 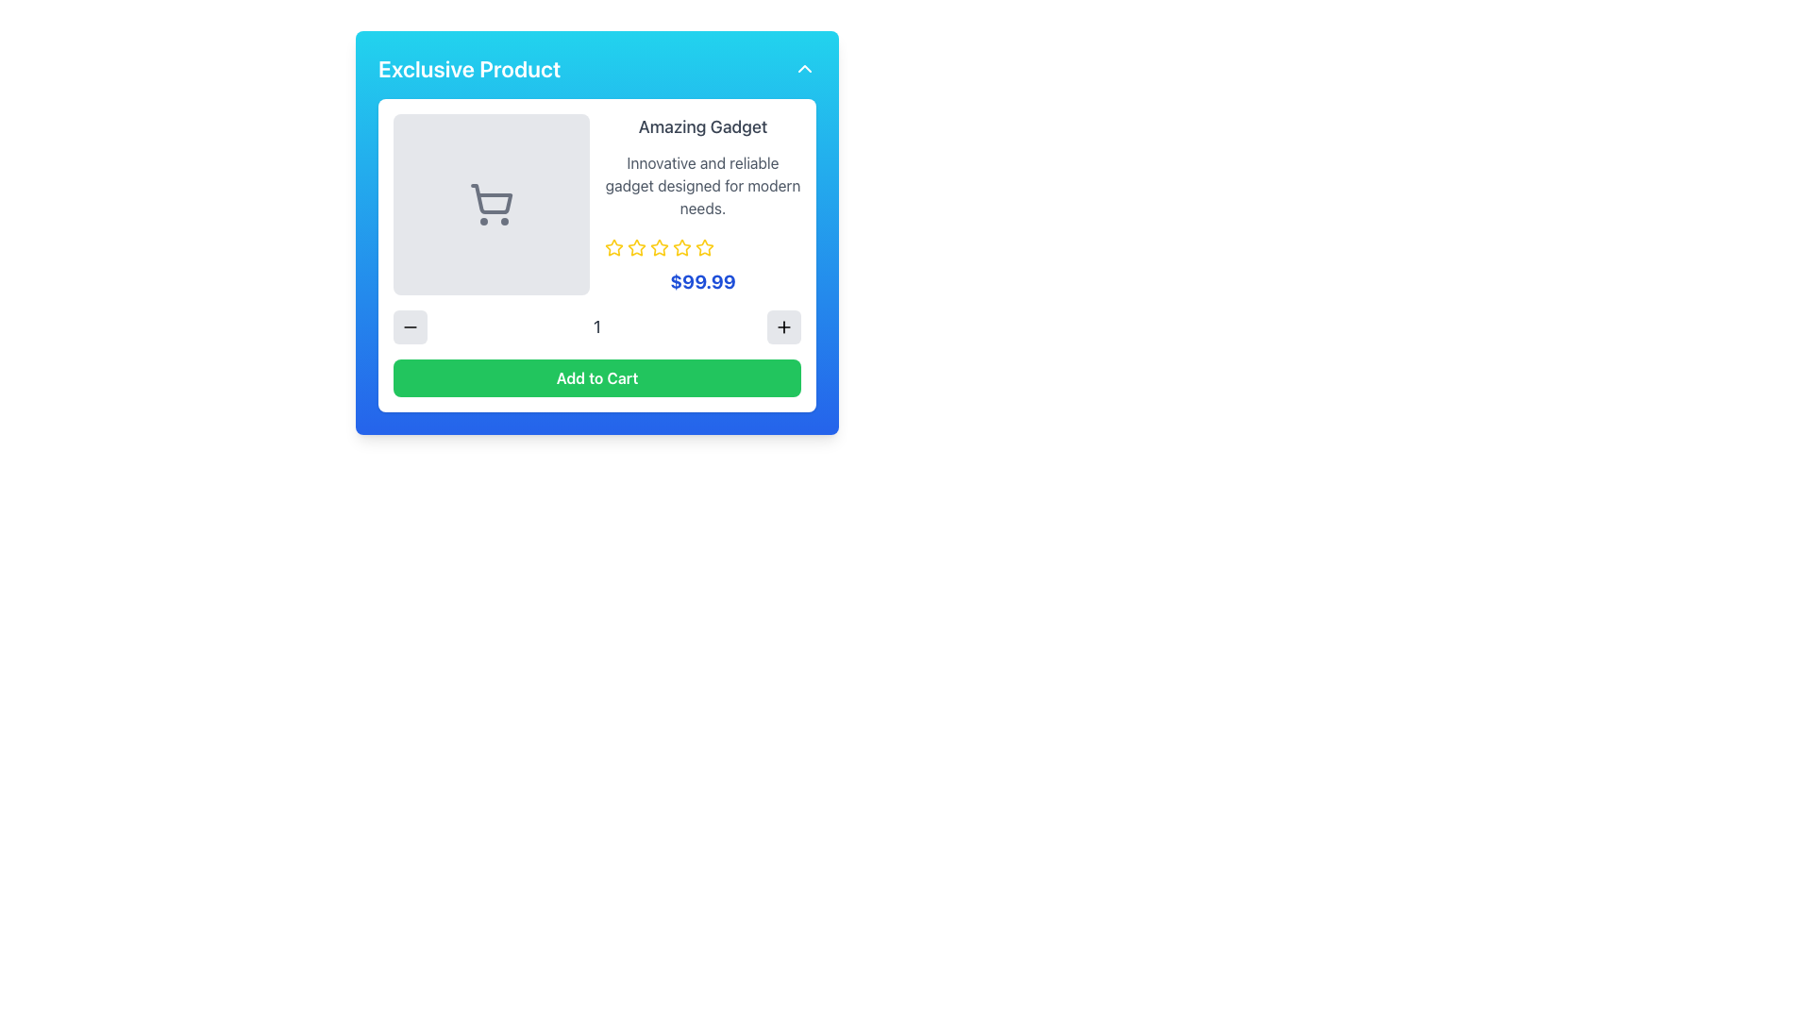 What do you see at coordinates (701, 246) in the screenshot?
I see `the star icons in the rating display located beneath the product's description and above the price in the product information card` at bounding box center [701, 246].